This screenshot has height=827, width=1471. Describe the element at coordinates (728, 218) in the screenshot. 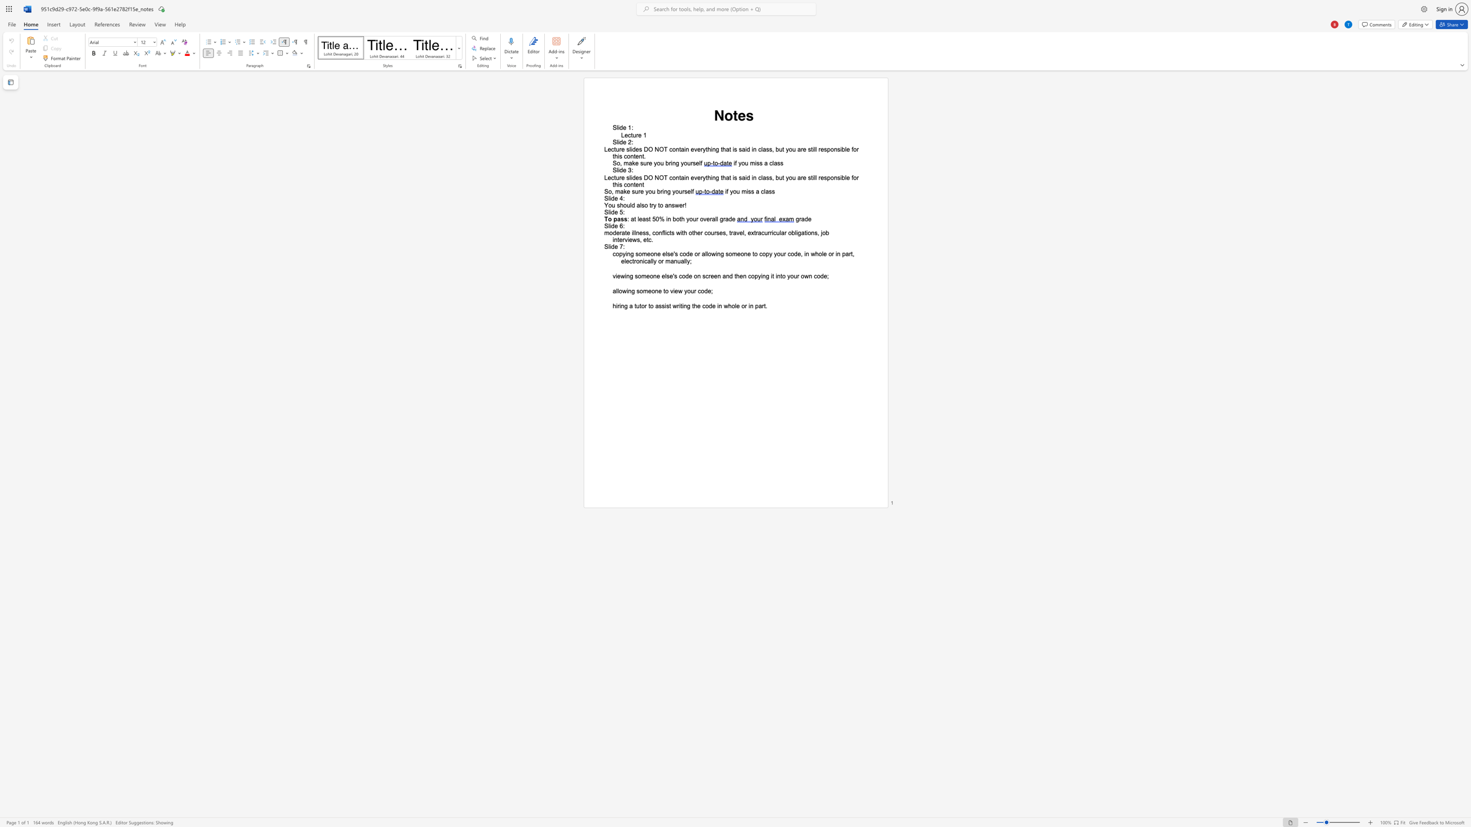

I see `the space between the continuous character "a" and "d" in the text` at that location.